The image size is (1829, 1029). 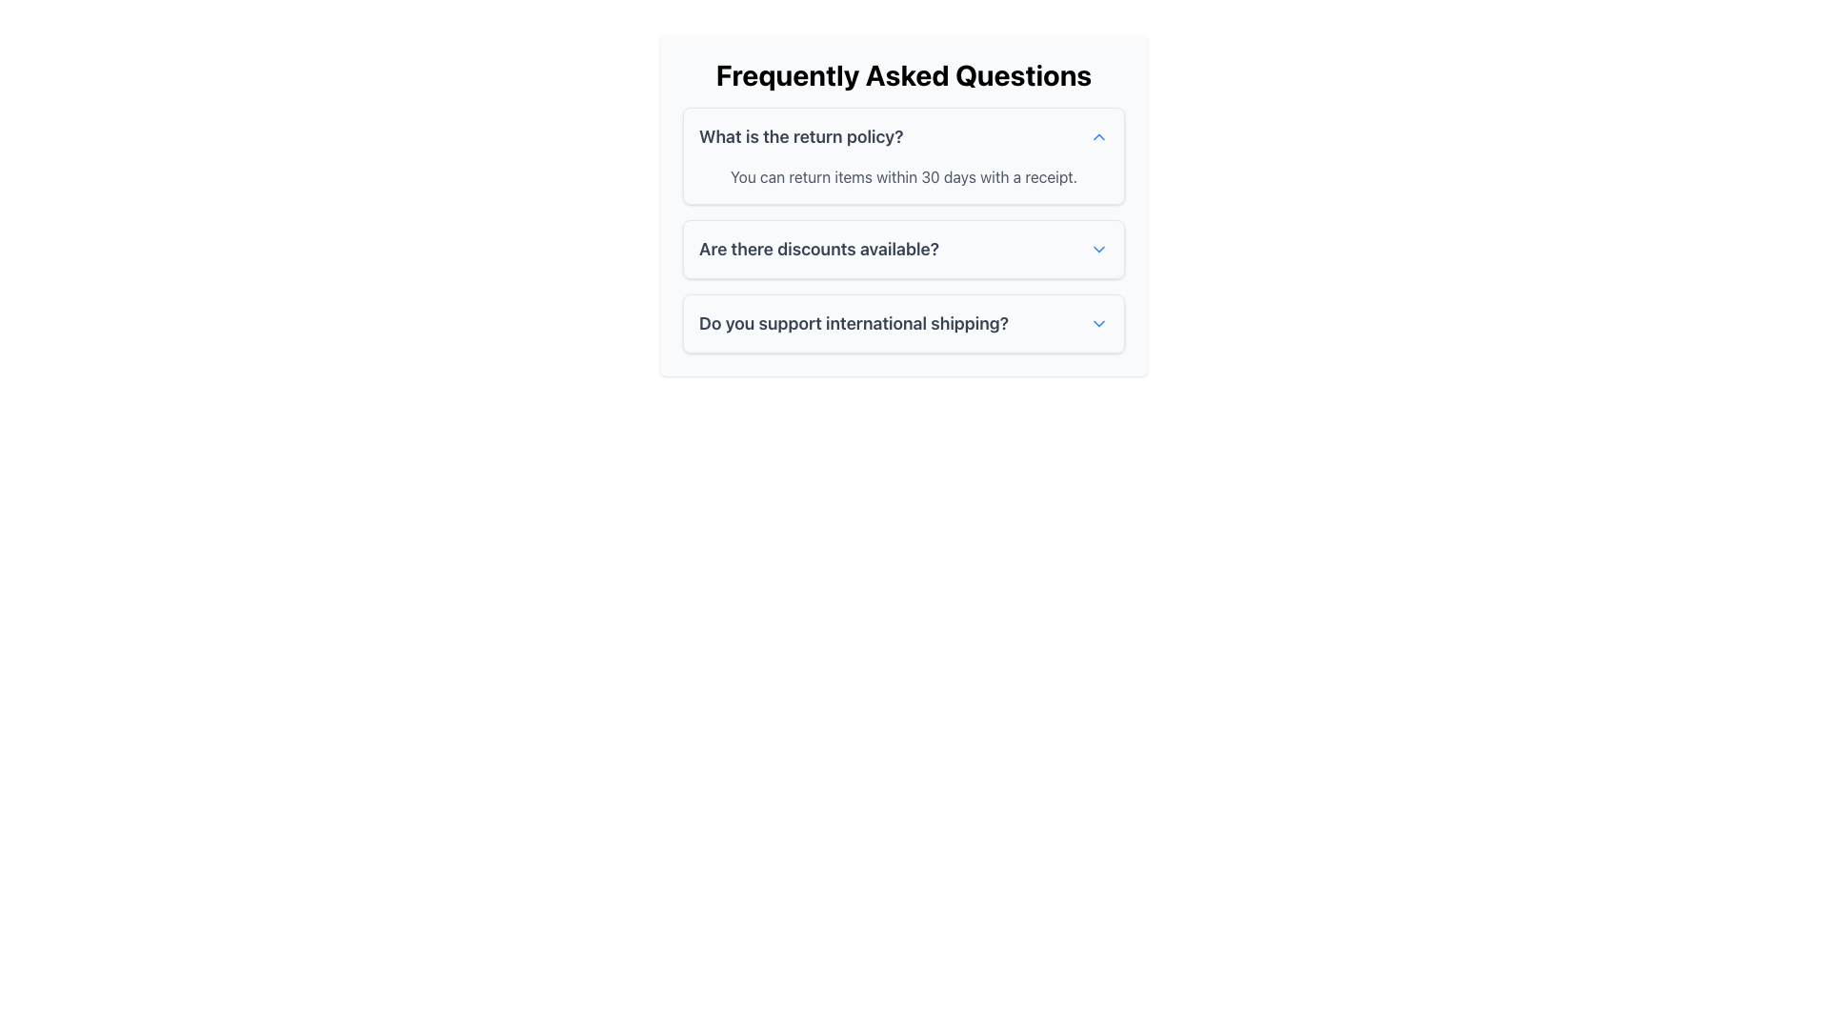 What do you see at coordinates (903, 73) in the screenshot?
I see `the bold heading displaying 'Frequently Asked Questions' at the top of the FAQ section` at bounding box center [903, 73].